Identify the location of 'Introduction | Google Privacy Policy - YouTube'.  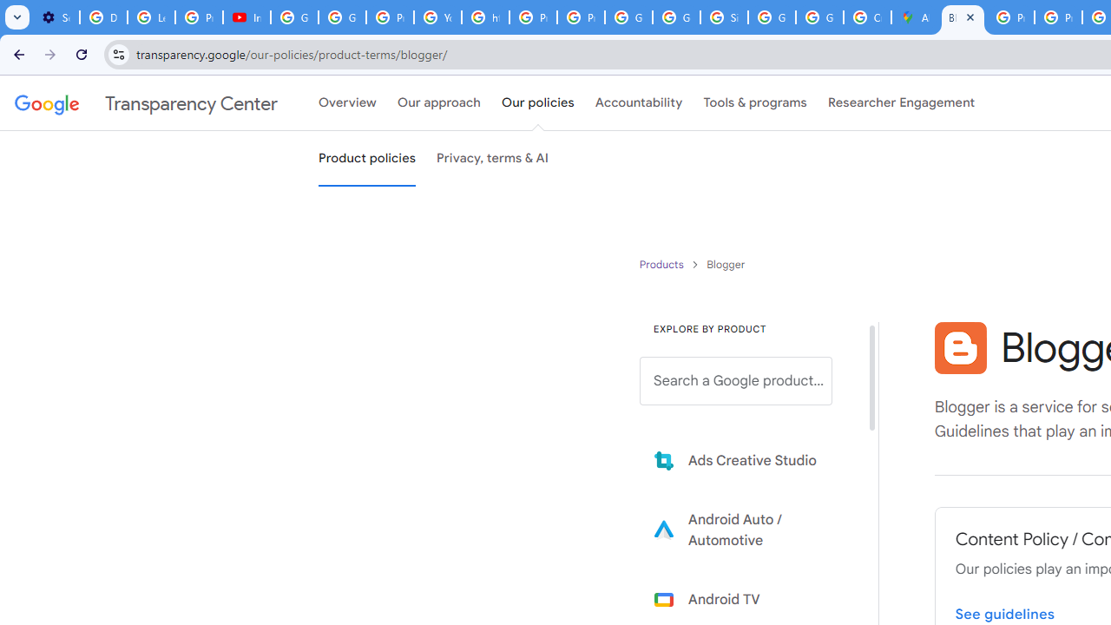
(246, 17).